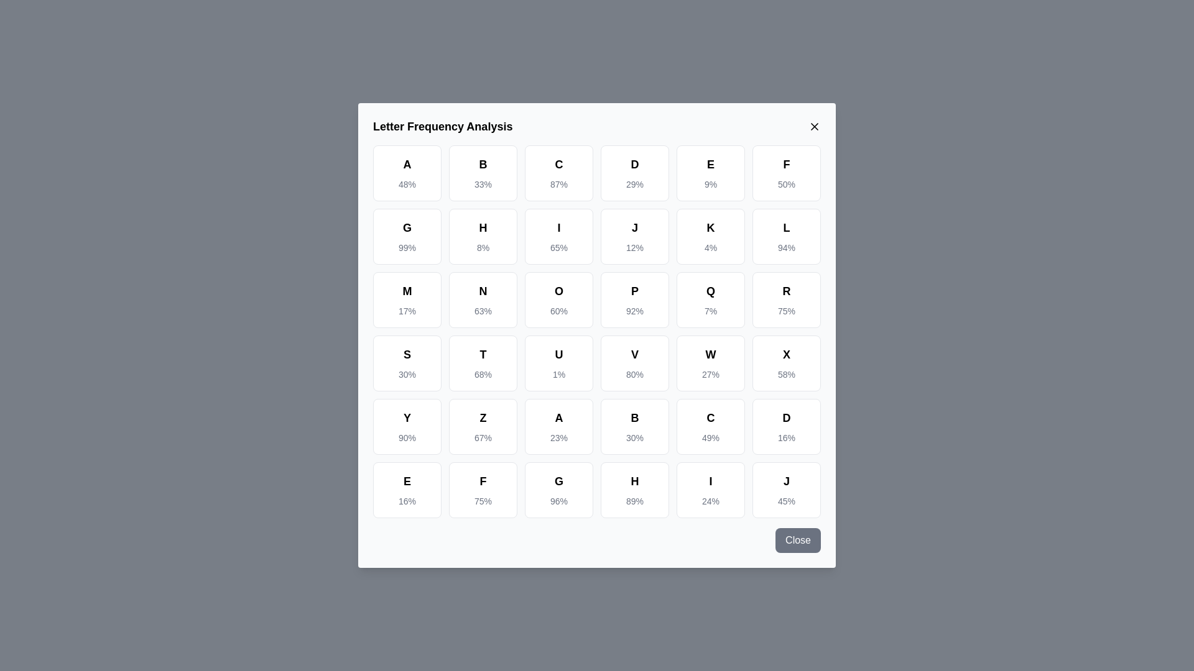 The height and width of the screenshot is (671, 1194). Describe the element at coordinates (815, 127) in the screenshot. I see `the 'X' button in the header of the dialog to close it` at that location.